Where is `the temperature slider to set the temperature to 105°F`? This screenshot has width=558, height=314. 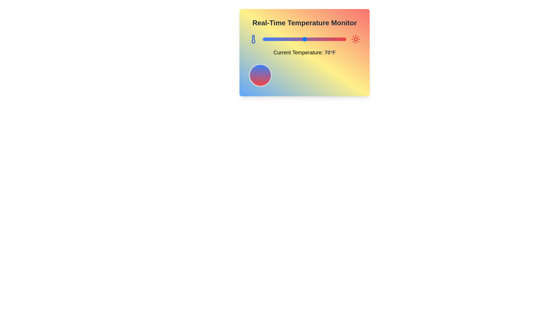 the temperature slider to set the temperature to 105°F is located at coordinates (334, 39).